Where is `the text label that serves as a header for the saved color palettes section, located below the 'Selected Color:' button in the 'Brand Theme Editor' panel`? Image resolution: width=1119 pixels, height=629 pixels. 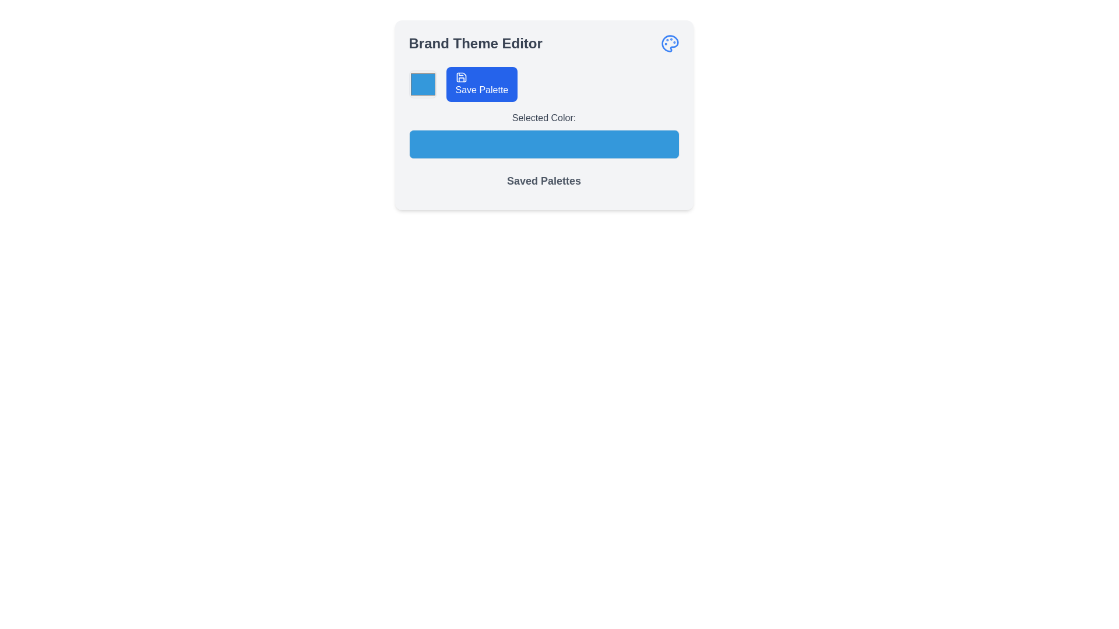
the text label that serves as a header for the saved color palettes section, located below the 'Selected Color:' button in the 'Brand Theme Editor' panel is located at coordinates (543, 181).